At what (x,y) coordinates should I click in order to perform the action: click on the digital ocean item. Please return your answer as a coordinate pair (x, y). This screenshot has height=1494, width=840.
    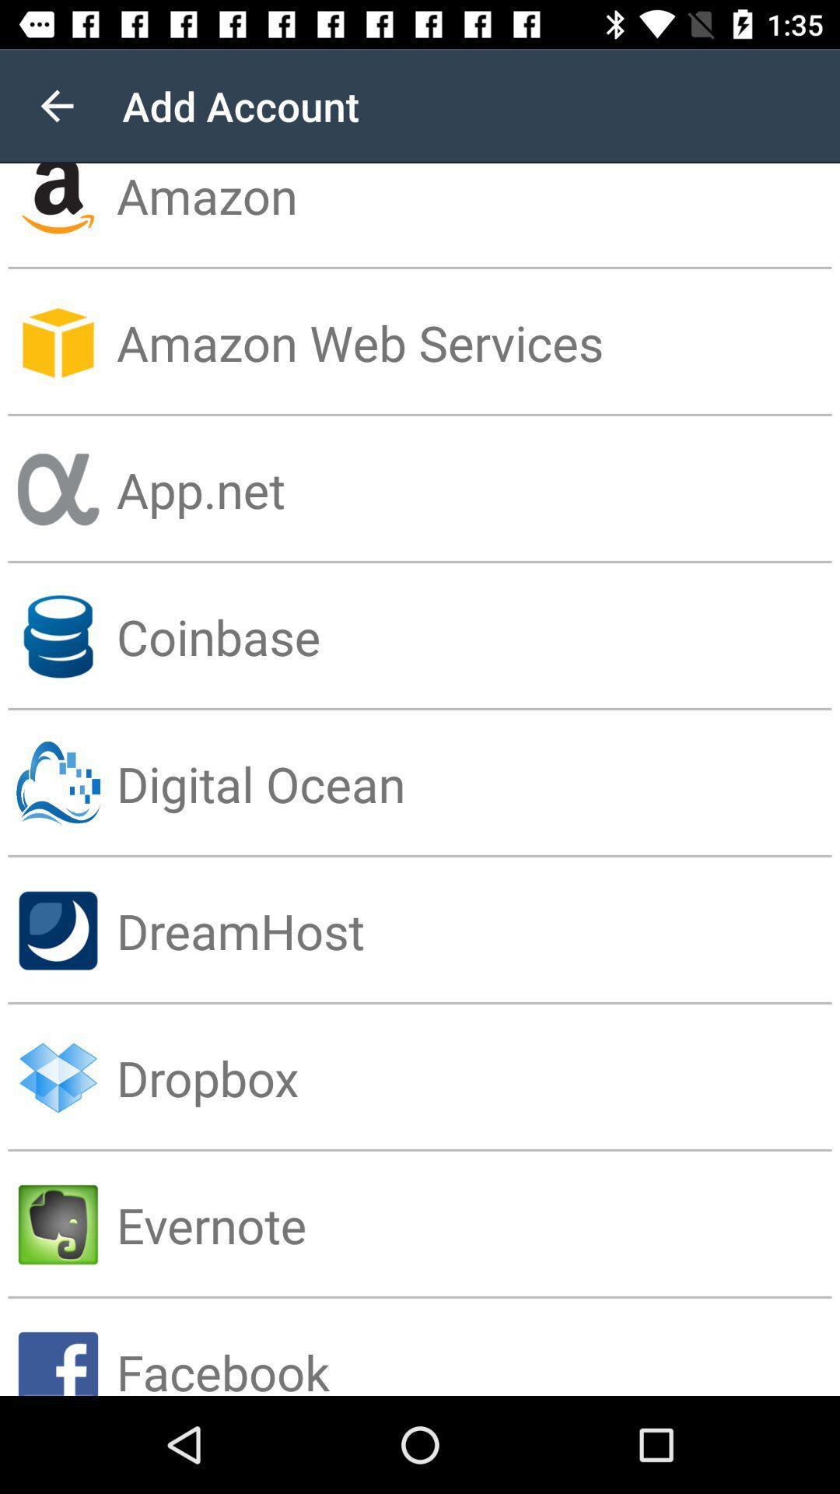
    Looking at the image, I should click on (477, 784).